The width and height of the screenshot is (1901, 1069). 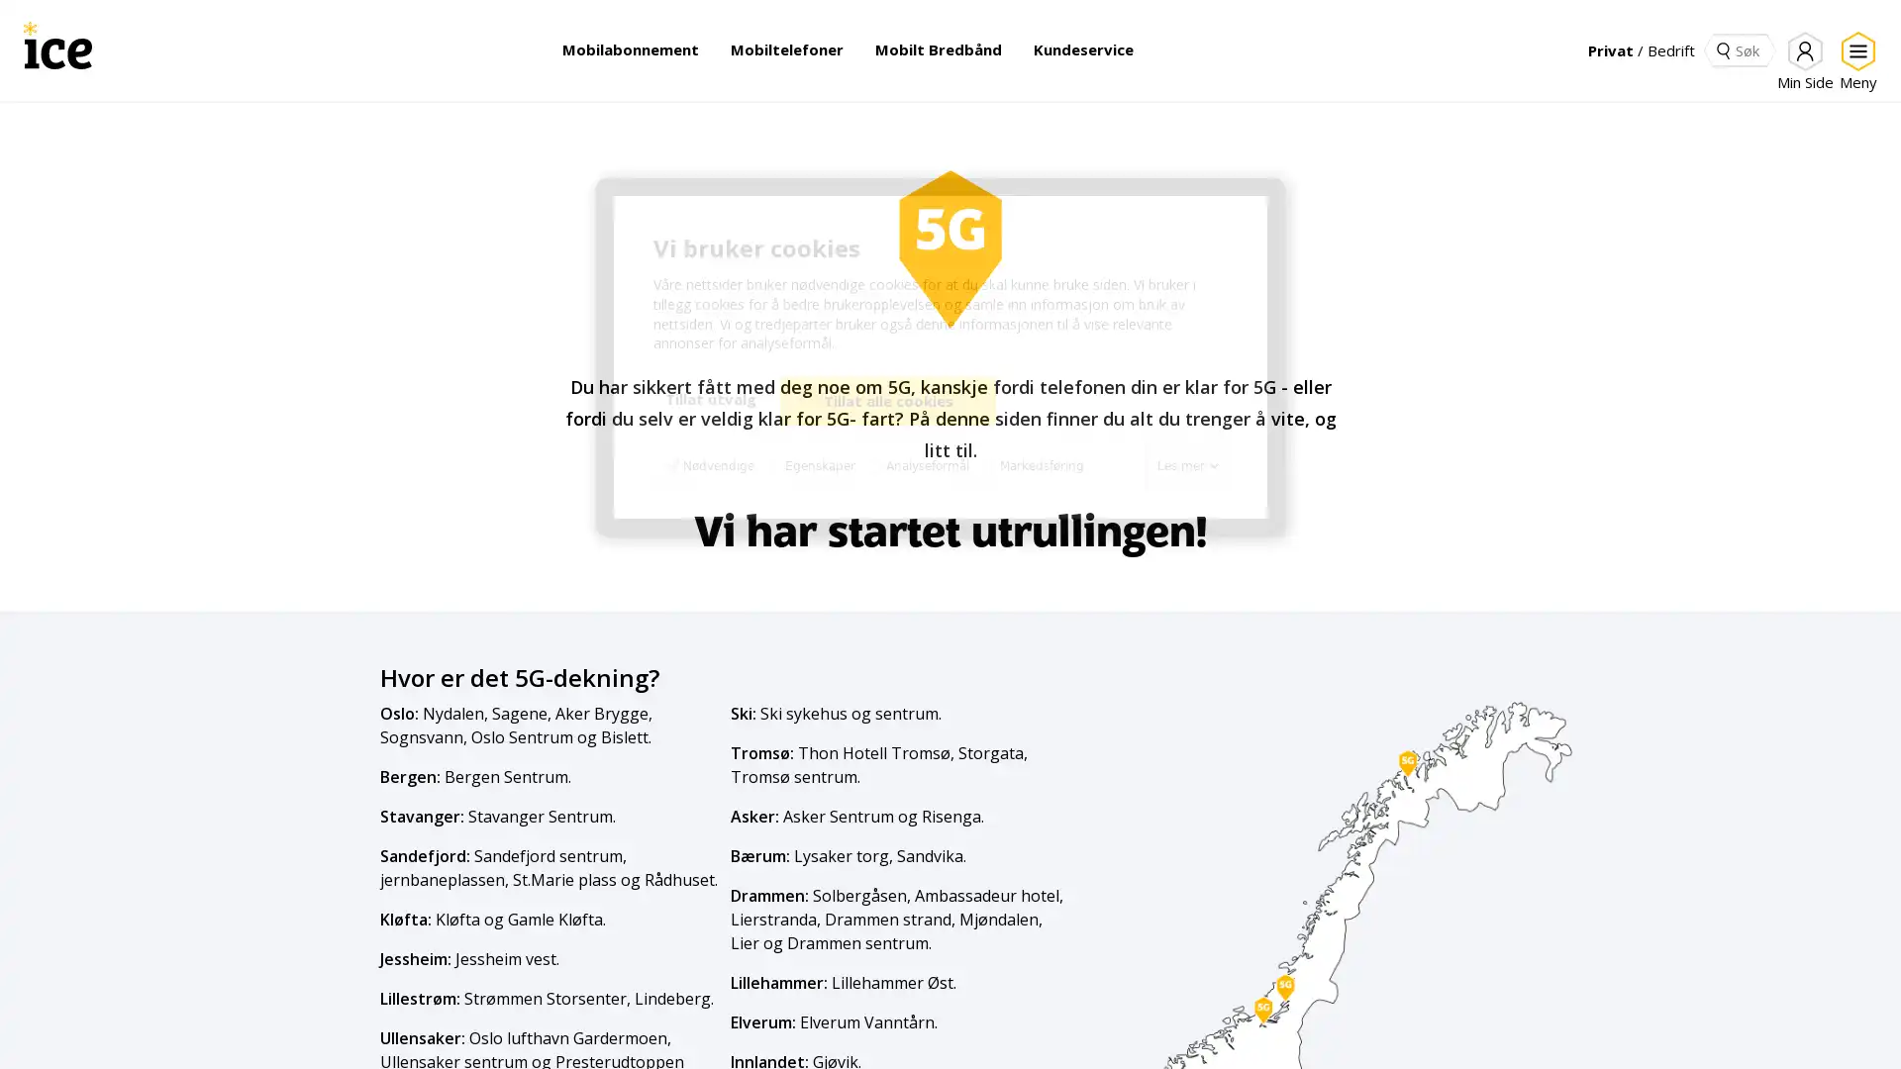 What do you see at coordinates (1722, 49) in the screenshot?
I see `Sk` at bounding box center [1722, 49].